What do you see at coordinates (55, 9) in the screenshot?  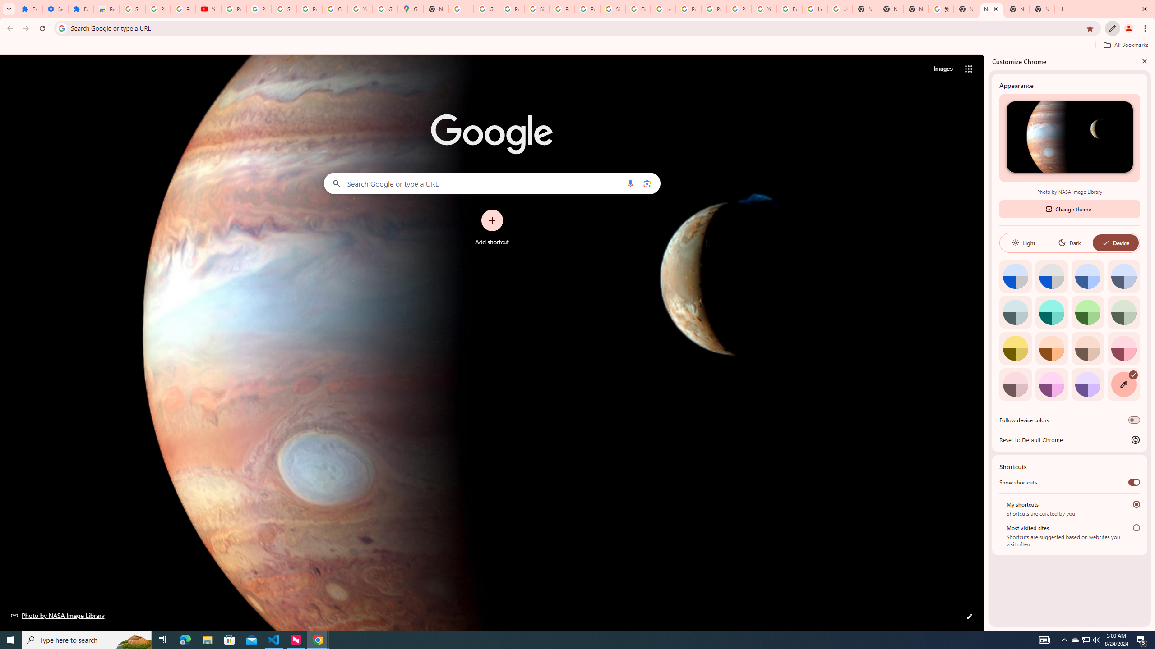 I see `'Settings'` at bounding box center [55, 9].